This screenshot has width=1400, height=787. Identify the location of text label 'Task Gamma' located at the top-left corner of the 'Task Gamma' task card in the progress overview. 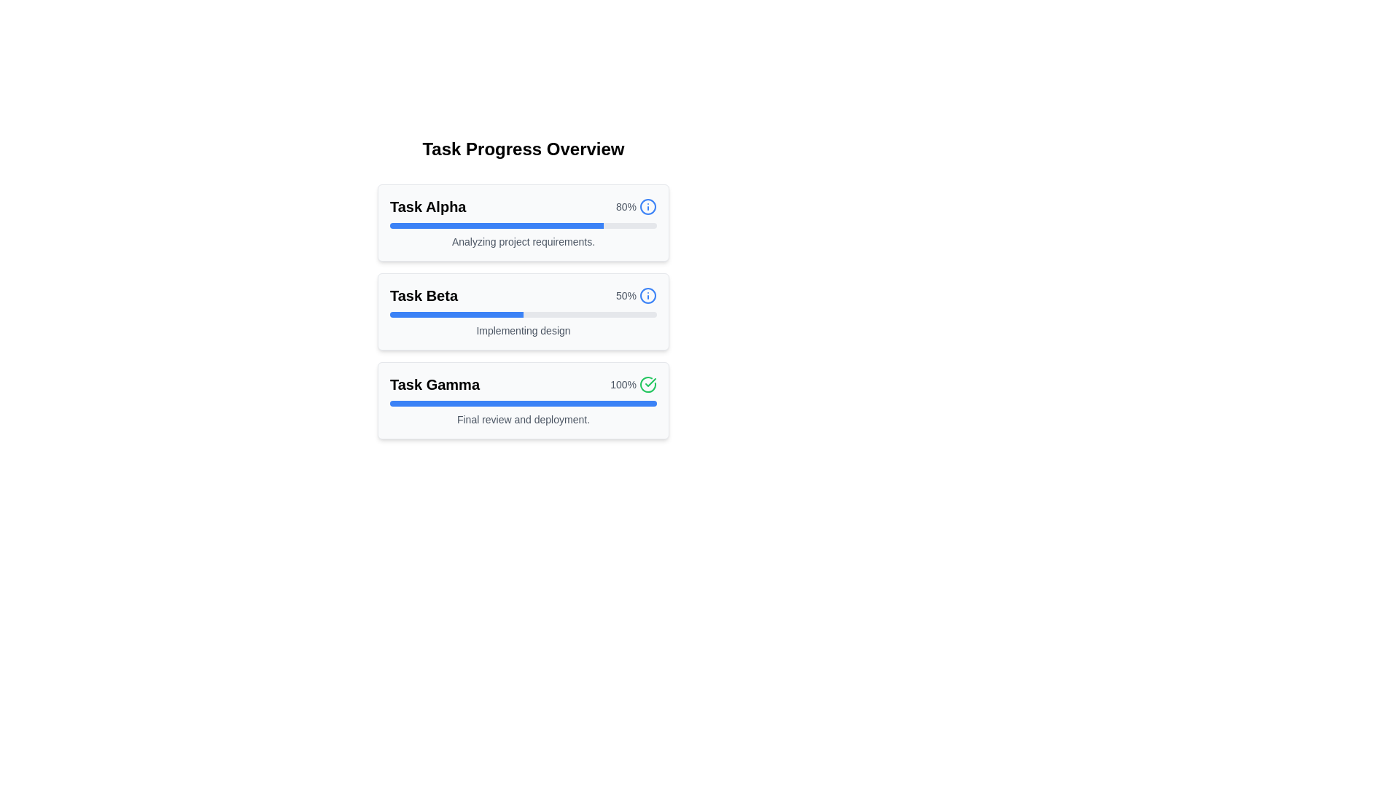
(434, 384).